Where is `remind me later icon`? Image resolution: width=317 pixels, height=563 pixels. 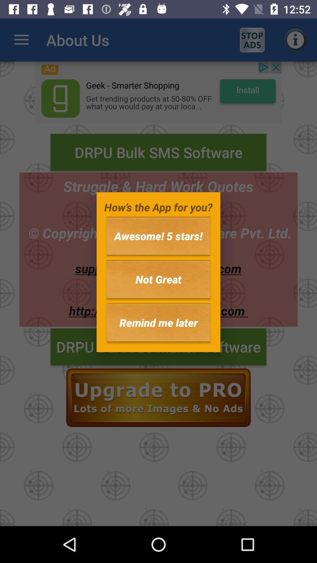 remind me later icon is located at coordinates (158, 322).